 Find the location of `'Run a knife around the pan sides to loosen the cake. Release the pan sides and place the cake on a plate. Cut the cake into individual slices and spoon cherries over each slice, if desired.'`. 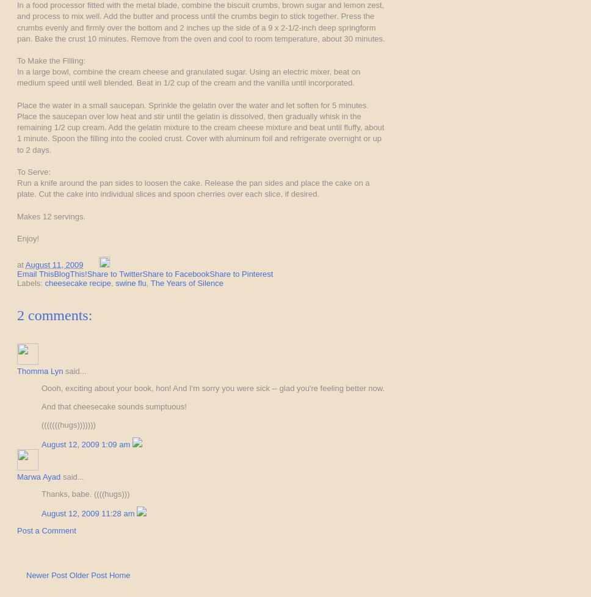

'Run a knife around the pan sides to loosen the cake. Release the pan sides and place the cake on a plate. Cut the cake into individual slices and spoon cherries over each slice, if desired.' is located at coordinates (192, 188).